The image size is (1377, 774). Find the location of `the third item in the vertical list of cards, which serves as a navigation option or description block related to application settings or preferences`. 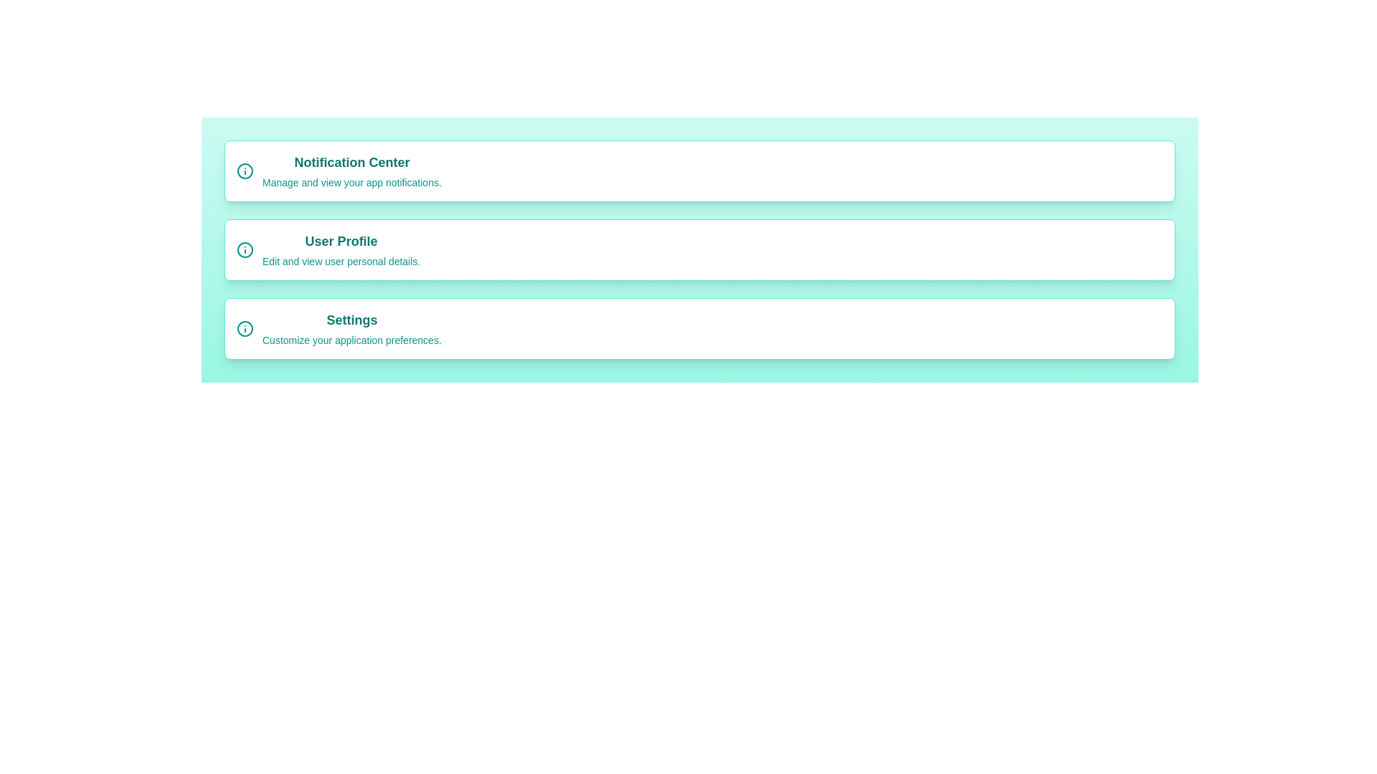

the third item in the vertical list of cards, which serves as a navigation option or description block related to application settings or preferences is located at coordinates (351, 329).